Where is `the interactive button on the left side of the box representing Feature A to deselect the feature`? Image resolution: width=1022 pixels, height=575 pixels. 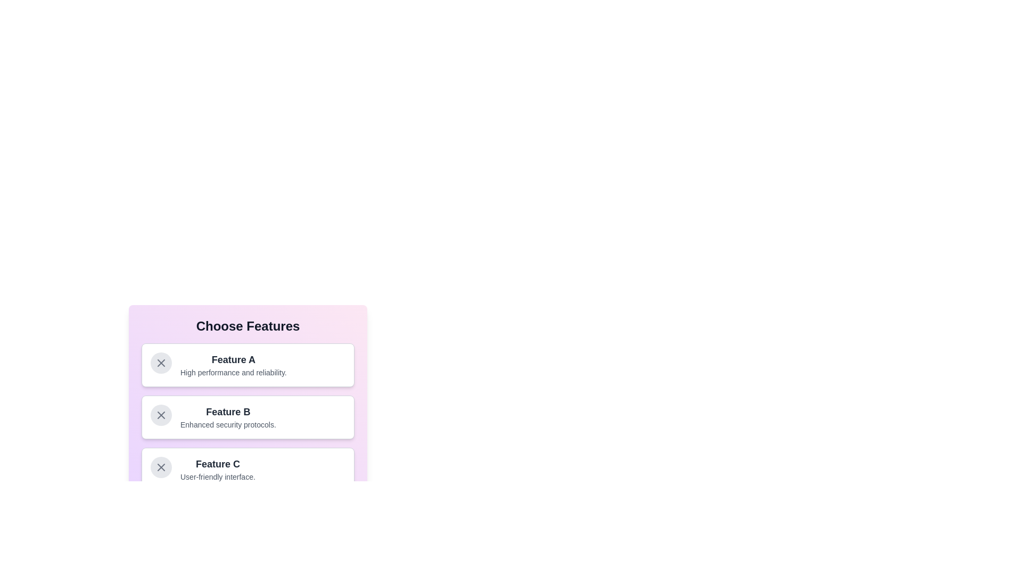
the interactive button on the left side of the box representing Feature A to deselect the feature is located at coordinates (160, 363).